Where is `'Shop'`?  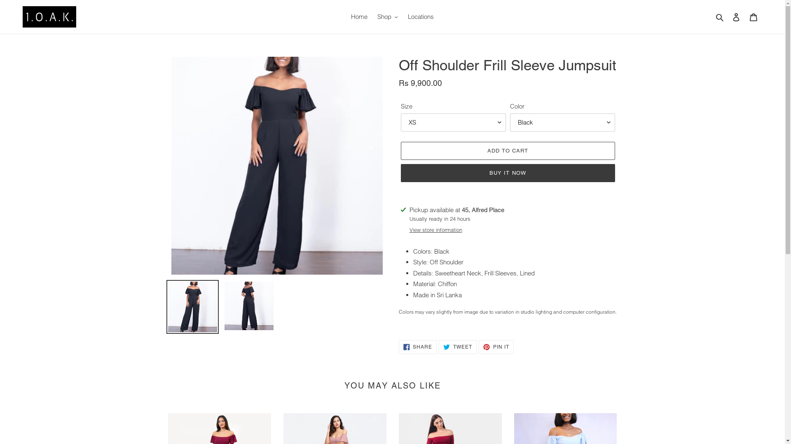
'Shop' is located at coordinates (387, 17).